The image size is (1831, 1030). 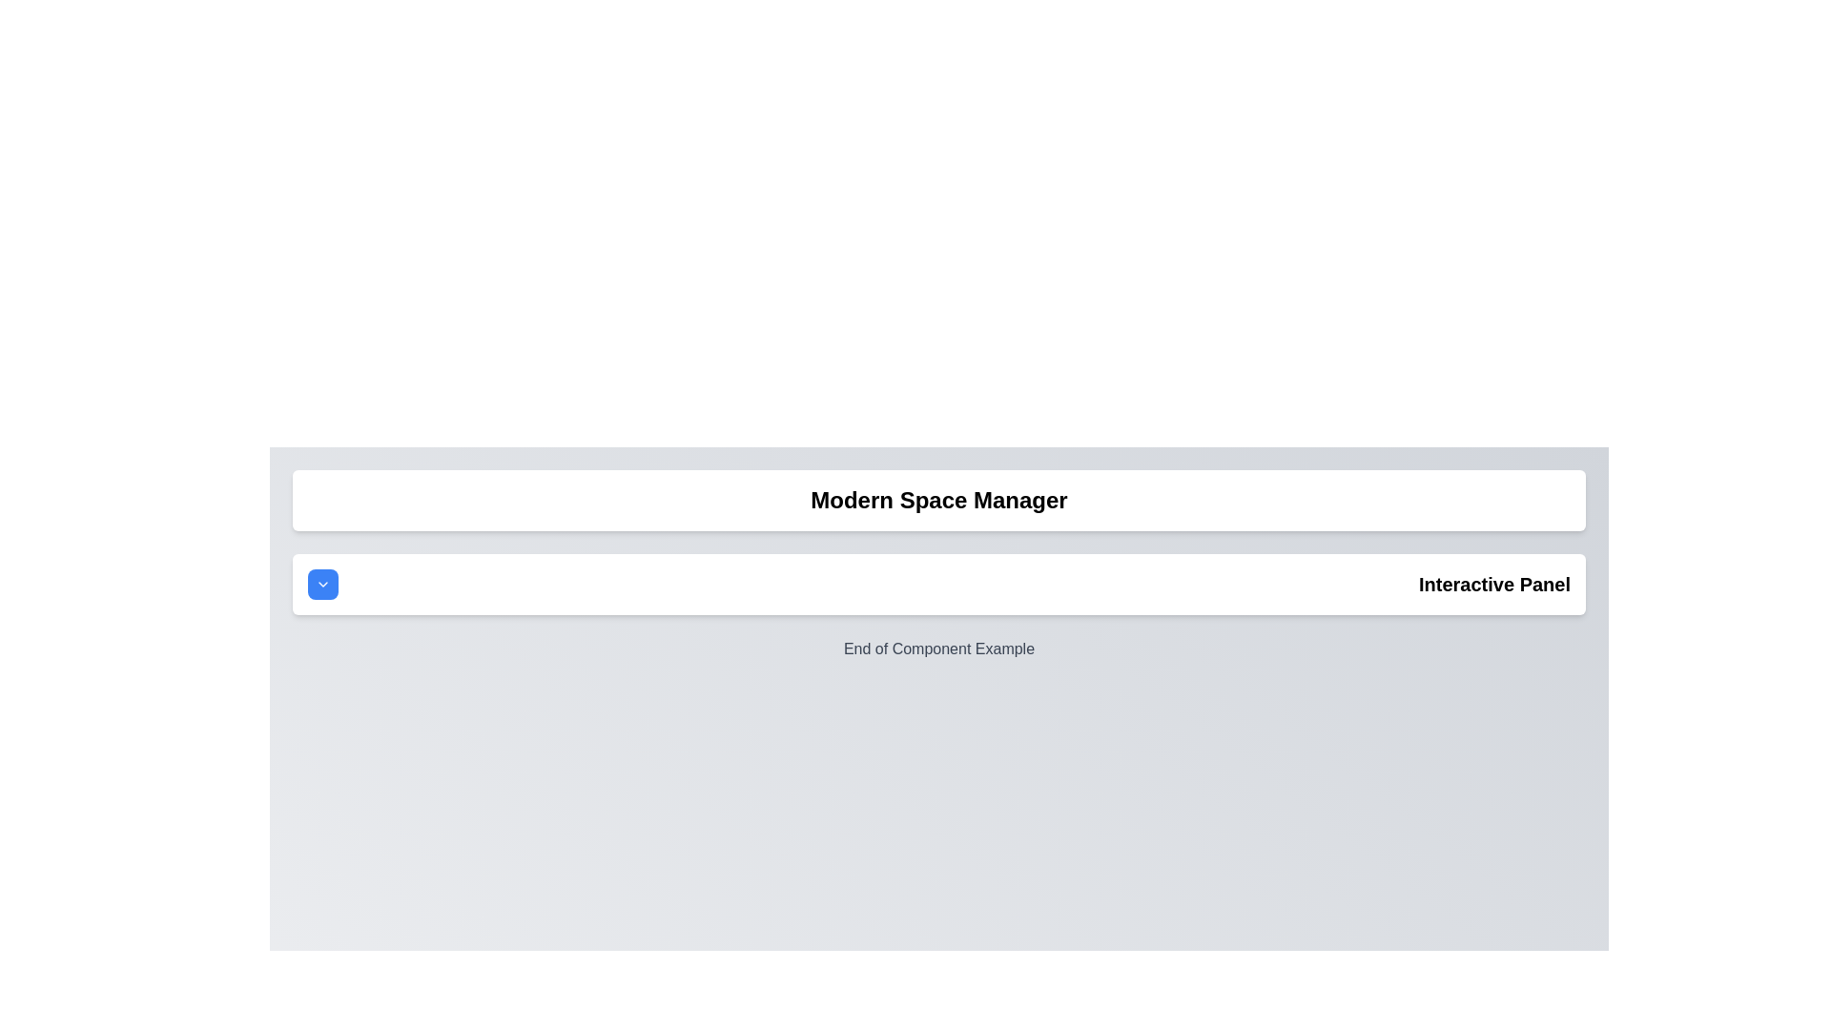 I want to click on the static text label that indicates the conclusion of a component section, located at the bottom of the vertically arranged layout, so click(x=938, y=649).